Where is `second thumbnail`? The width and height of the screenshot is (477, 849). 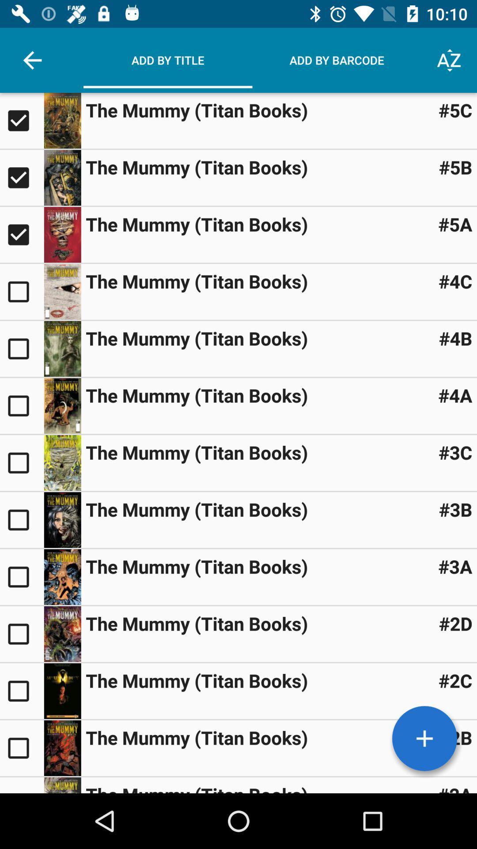 second thumbnail is located at coordinates (21, 177).